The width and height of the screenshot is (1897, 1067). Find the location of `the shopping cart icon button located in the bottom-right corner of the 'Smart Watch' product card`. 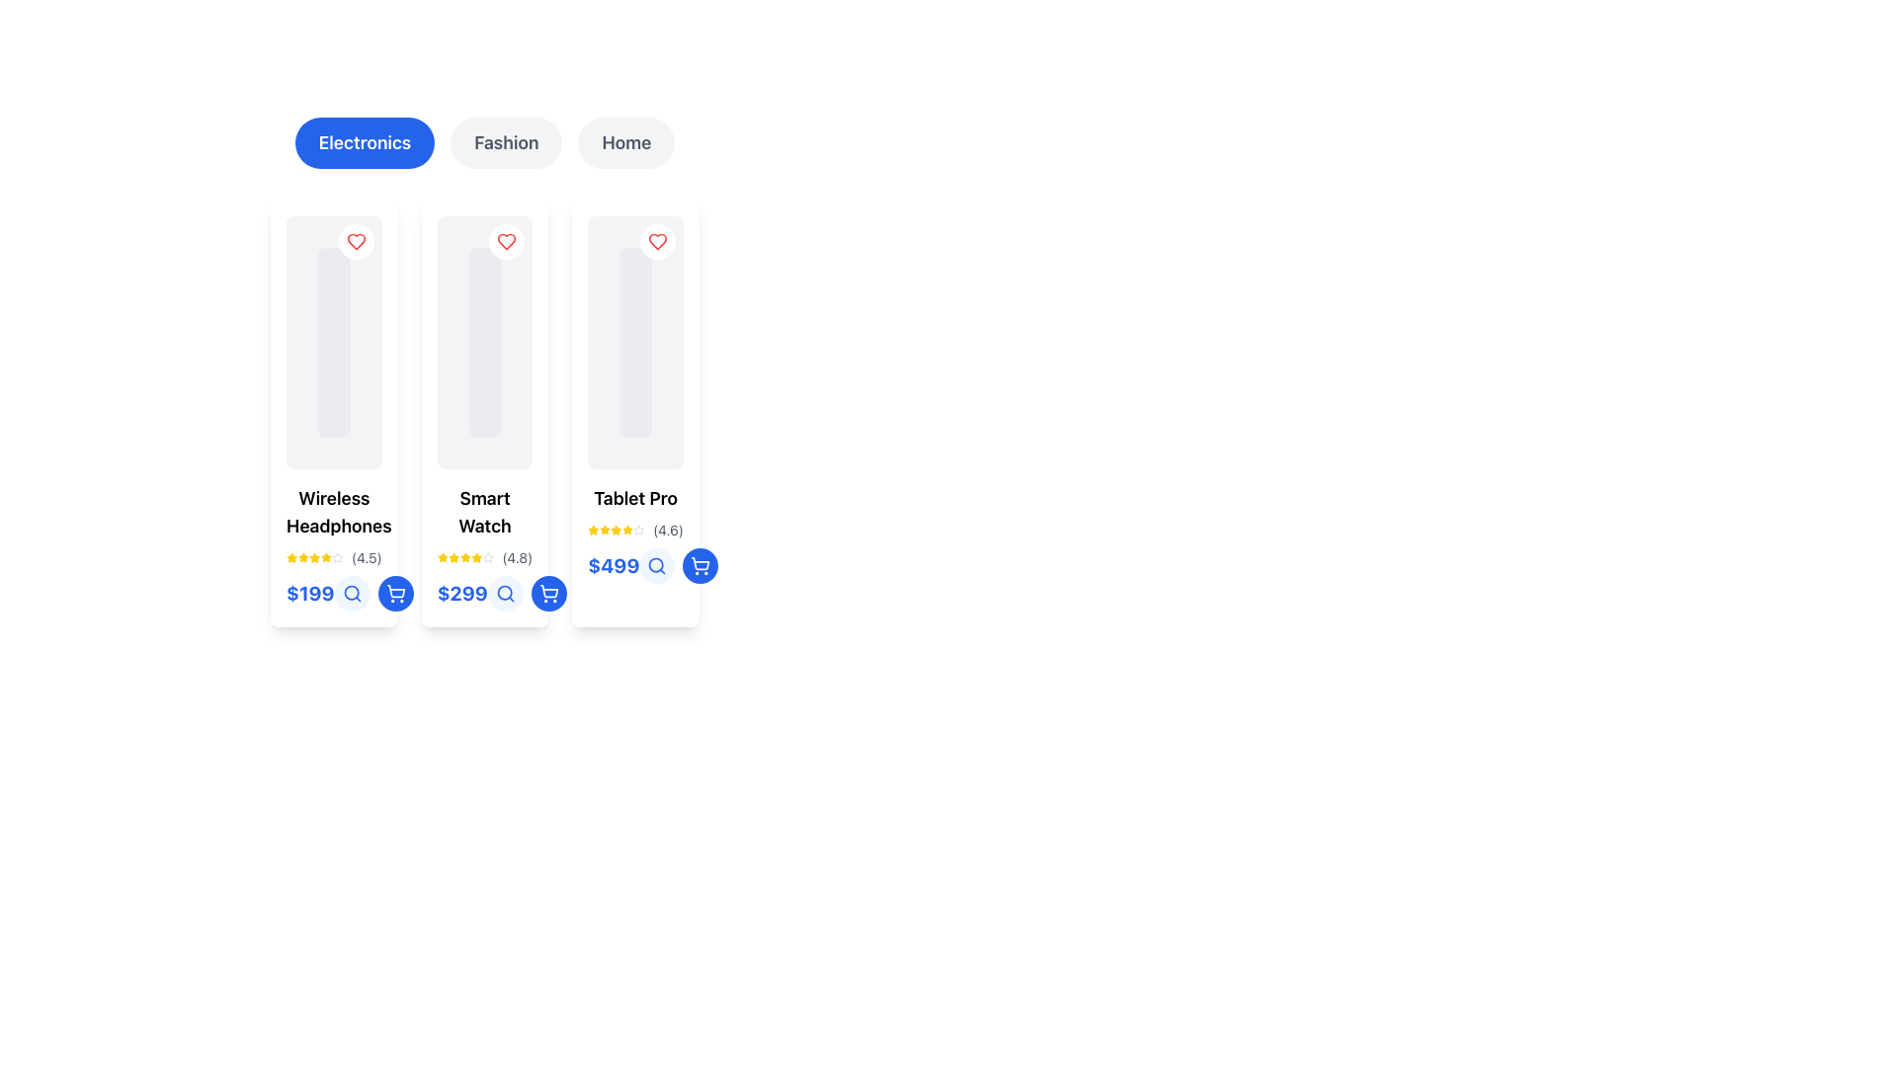

the shopping cart icon button located in the bottom-right corner of the 'Smart Watch' product card is located at coordinates (395, 593).